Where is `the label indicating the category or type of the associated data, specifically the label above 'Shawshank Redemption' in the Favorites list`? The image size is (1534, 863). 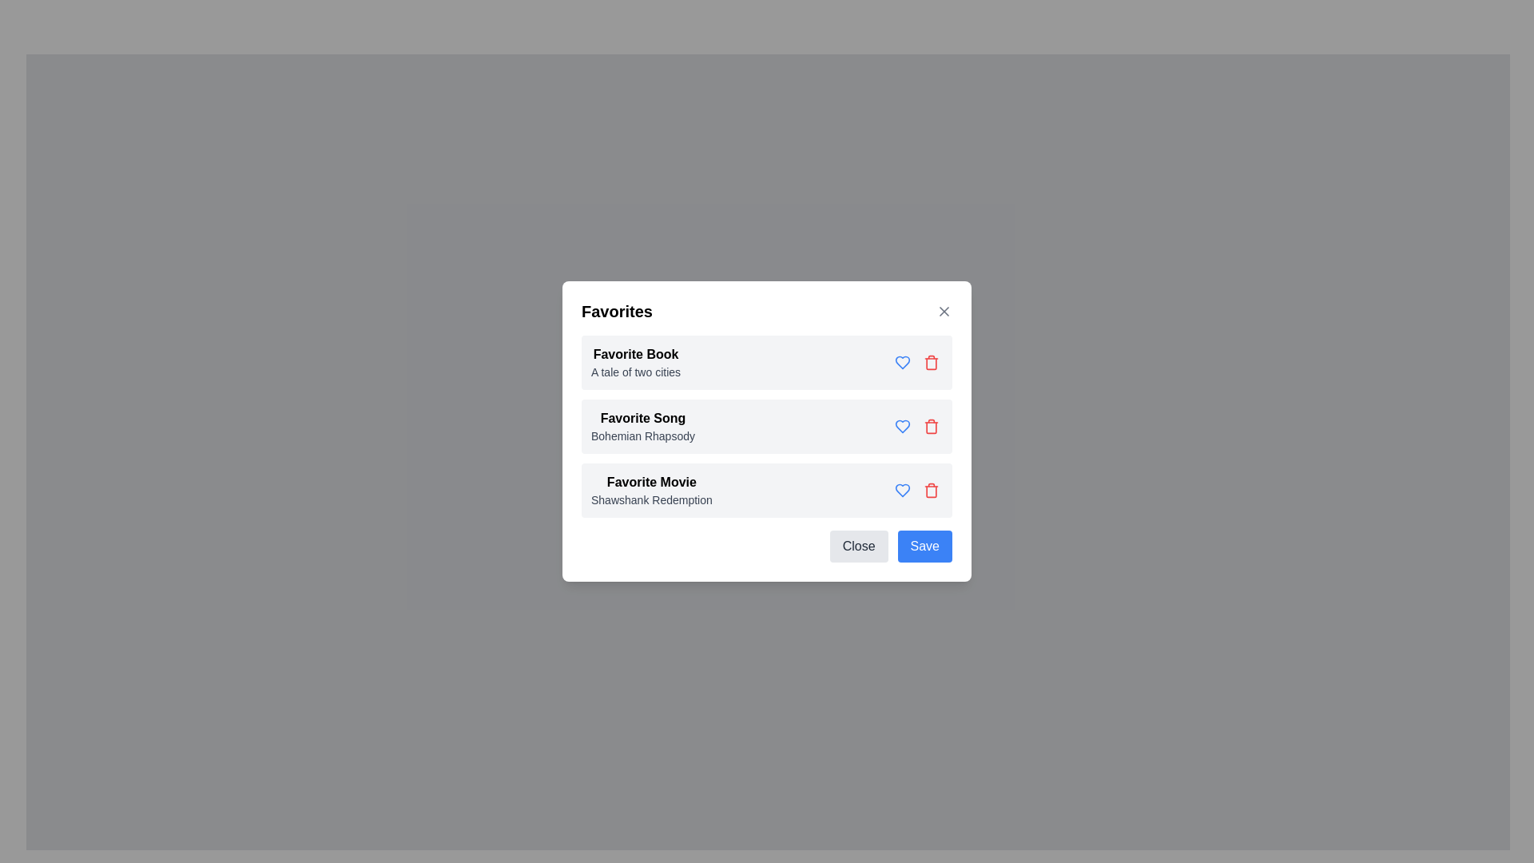
the label indicating the category or type of the associated data, specifically the label above 'Shawshank Redemption' in the Favorites list is located at coordinates (651, 482).